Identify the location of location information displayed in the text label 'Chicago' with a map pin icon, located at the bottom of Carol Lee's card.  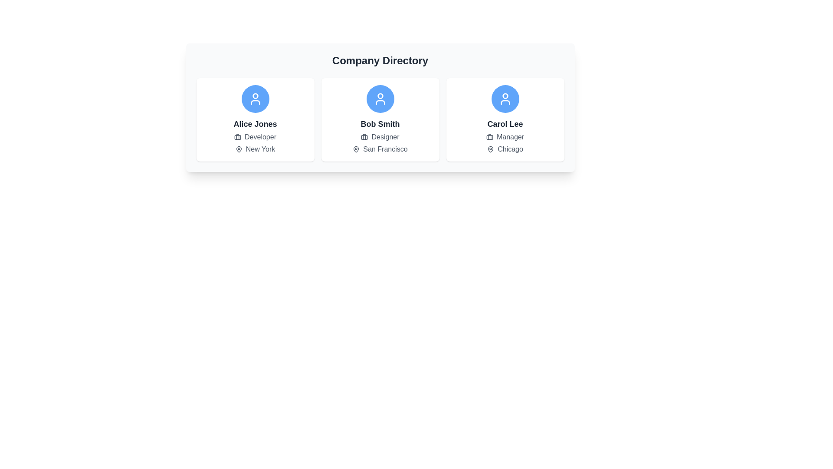
(505, 149).